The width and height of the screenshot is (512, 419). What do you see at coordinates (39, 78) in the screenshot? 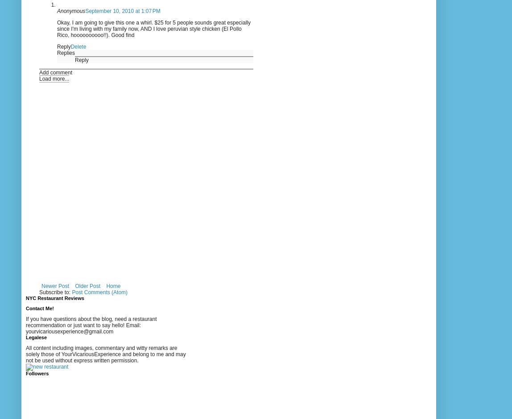
I see `'Load more...'` at bounding box center [39, 78].